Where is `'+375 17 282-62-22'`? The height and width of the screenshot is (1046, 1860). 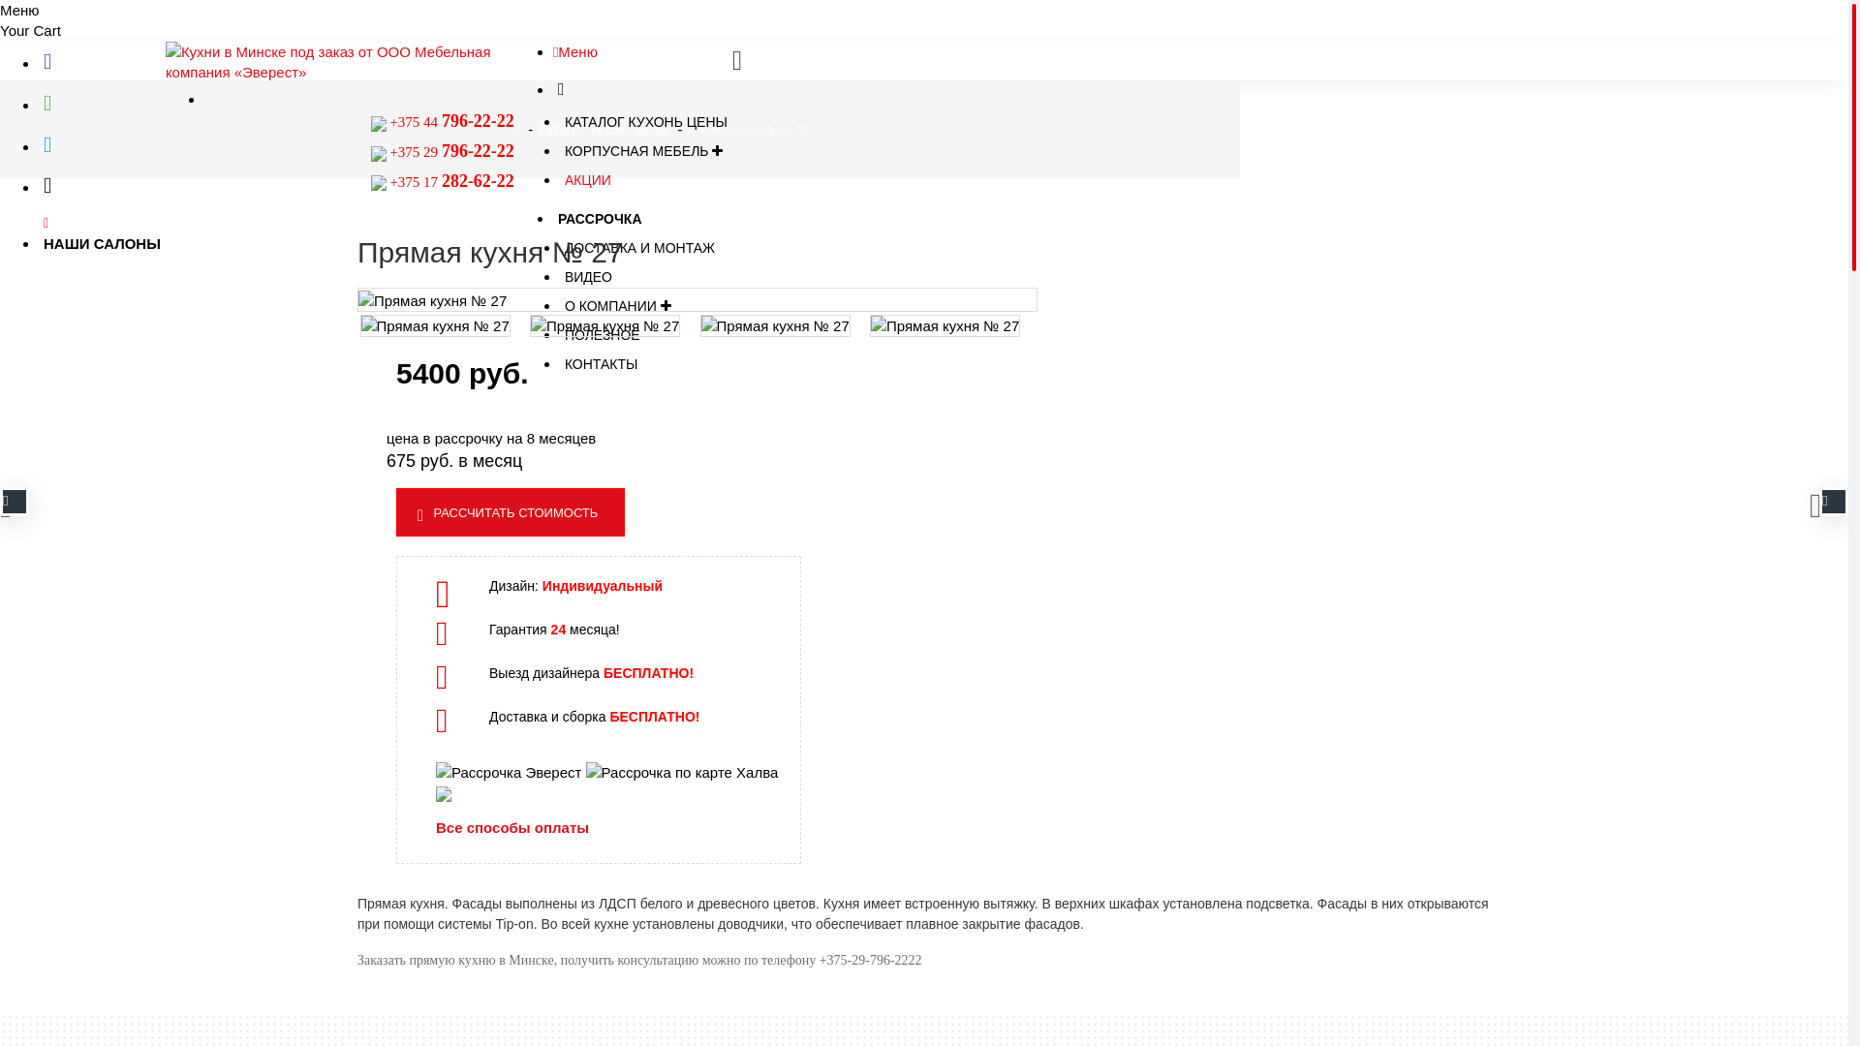
'+375 17 282-62-22' is located at coordinates (449, 182).